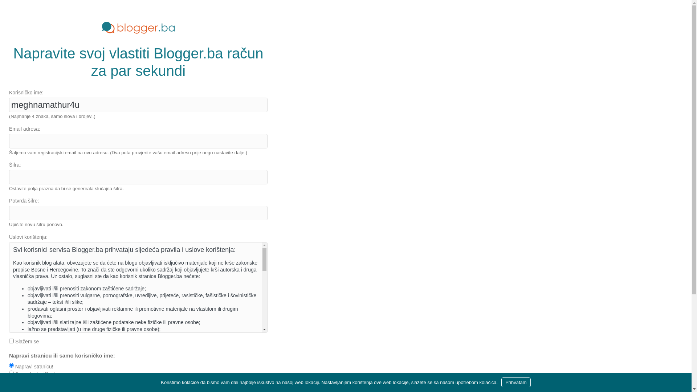 The height and width of the screenshot is (392, 697). Describe the element at coordinates (515, 382) in the screenshot. I see `'Prihvatam'` at that location.